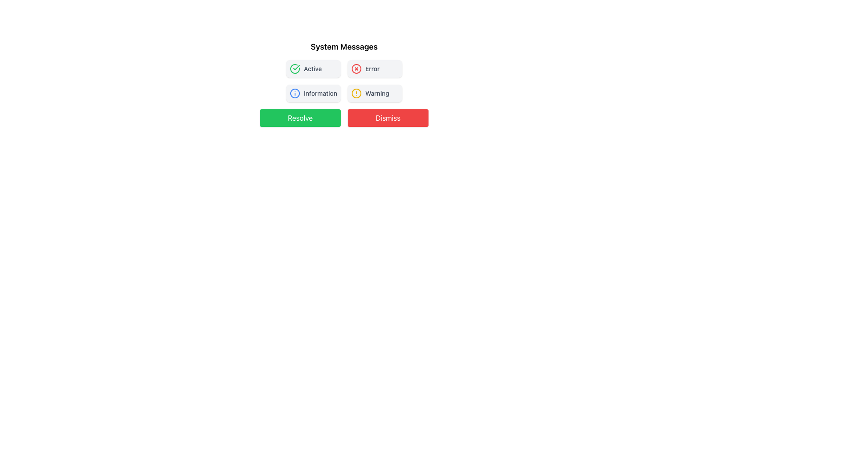 The image size is (843, 474). What do you see at coordinates (295, 93) in the screenshot?
I see `the center of the circular SVG graphic in the information indicator icon located at the bottom-left corner of the message indicators section labeled 'Information'` at bounding box center [295, 93].